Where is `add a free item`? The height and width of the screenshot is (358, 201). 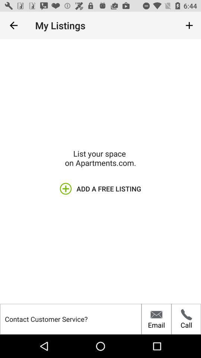
add a free item is located at coordinates (100, 188).